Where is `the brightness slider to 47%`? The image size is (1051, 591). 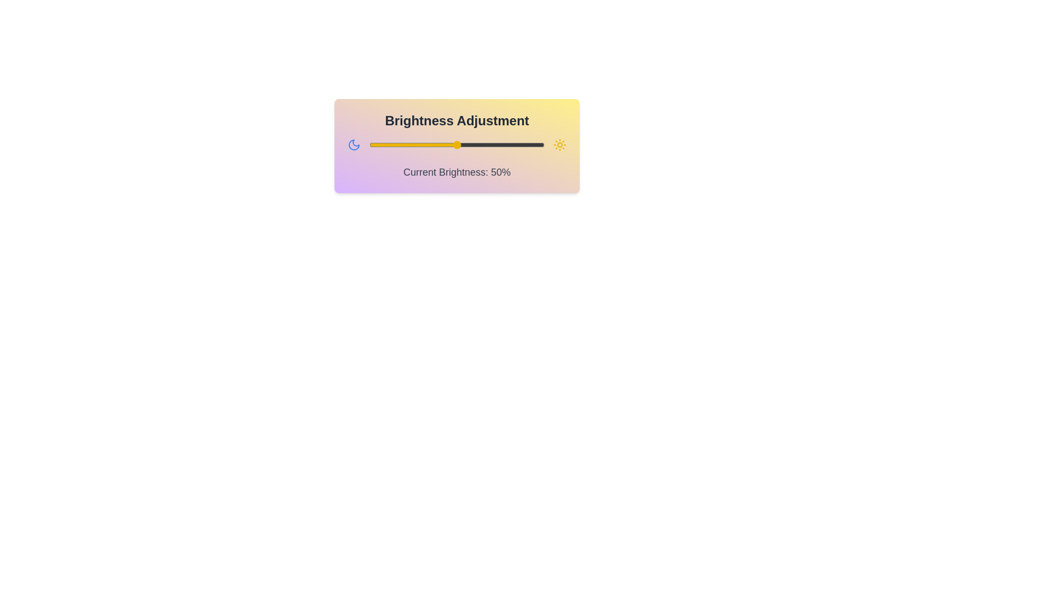 the brightness slider to 47% is located at coordinates (452, 144).